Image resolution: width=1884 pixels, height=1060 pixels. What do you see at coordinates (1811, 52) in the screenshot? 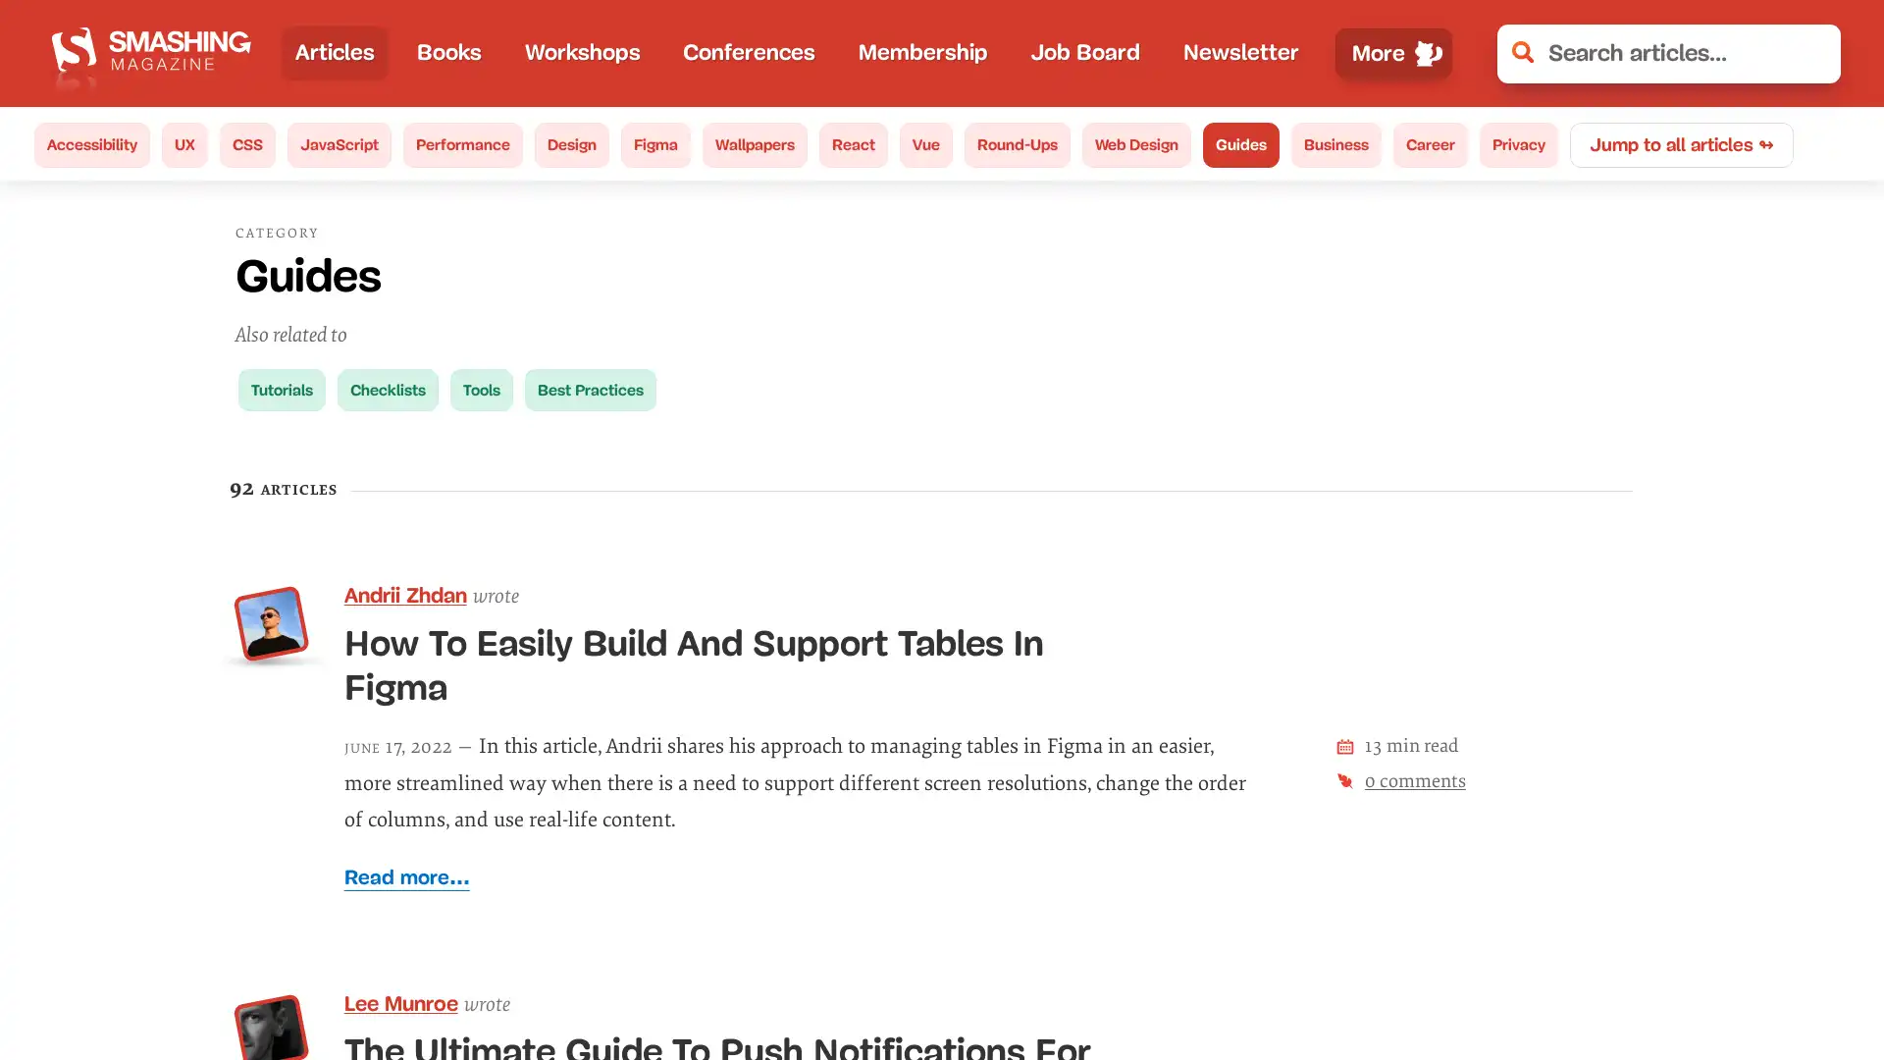
I see `Clear Search` at bounding box center [1811, 52].